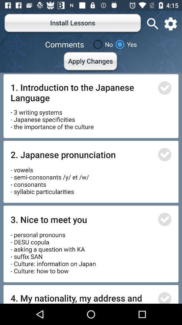 The height and width of the screenshot is (325, 182). I want to click on install, so click(164, 88).